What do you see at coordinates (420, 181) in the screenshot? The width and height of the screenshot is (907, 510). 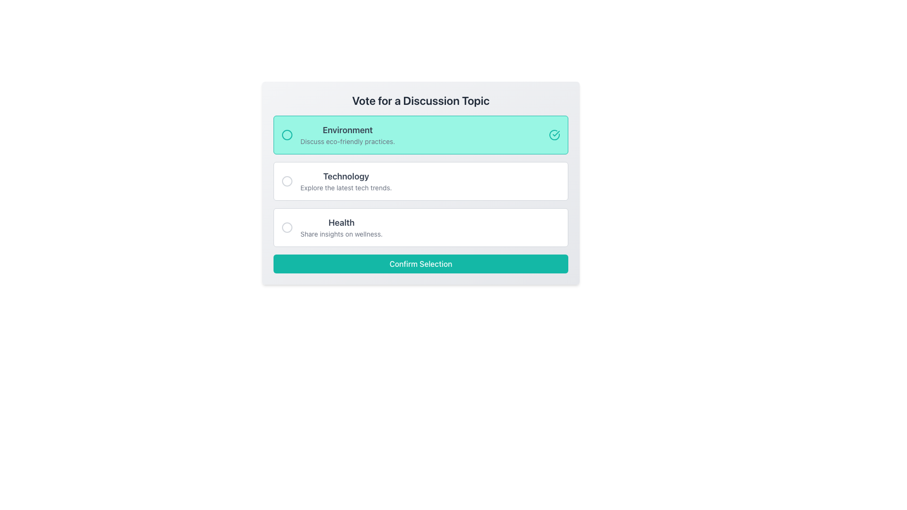 I see `the selectable list item labeled 'Technology'` at bounding box center [420, 181].